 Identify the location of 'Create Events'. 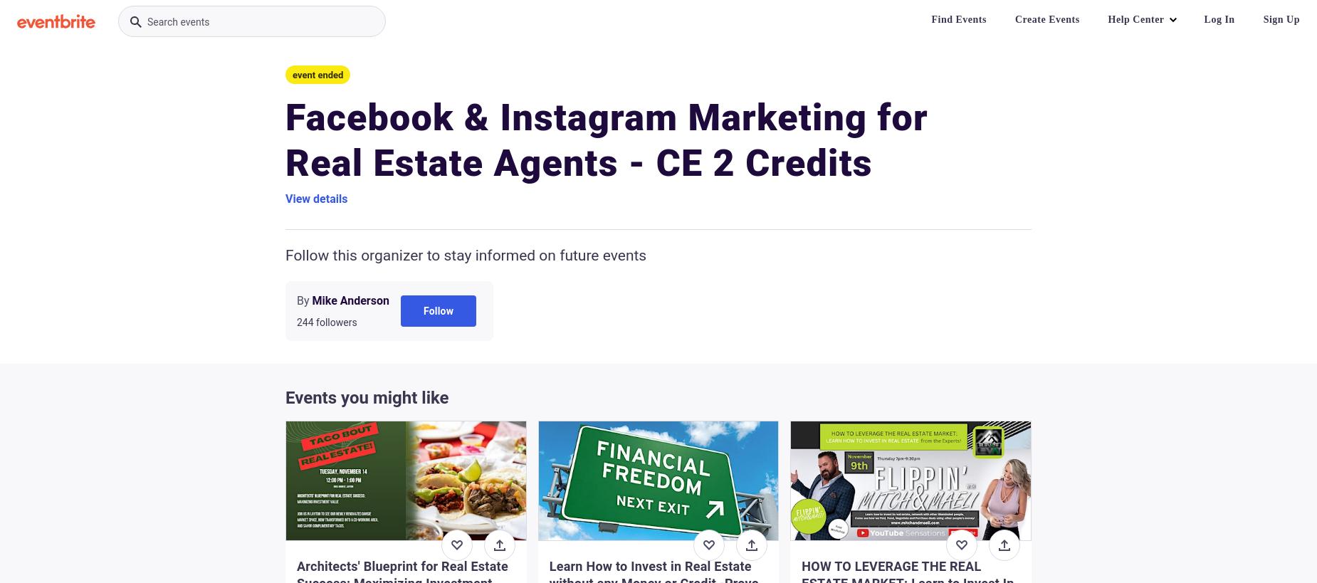
(1046, 19).